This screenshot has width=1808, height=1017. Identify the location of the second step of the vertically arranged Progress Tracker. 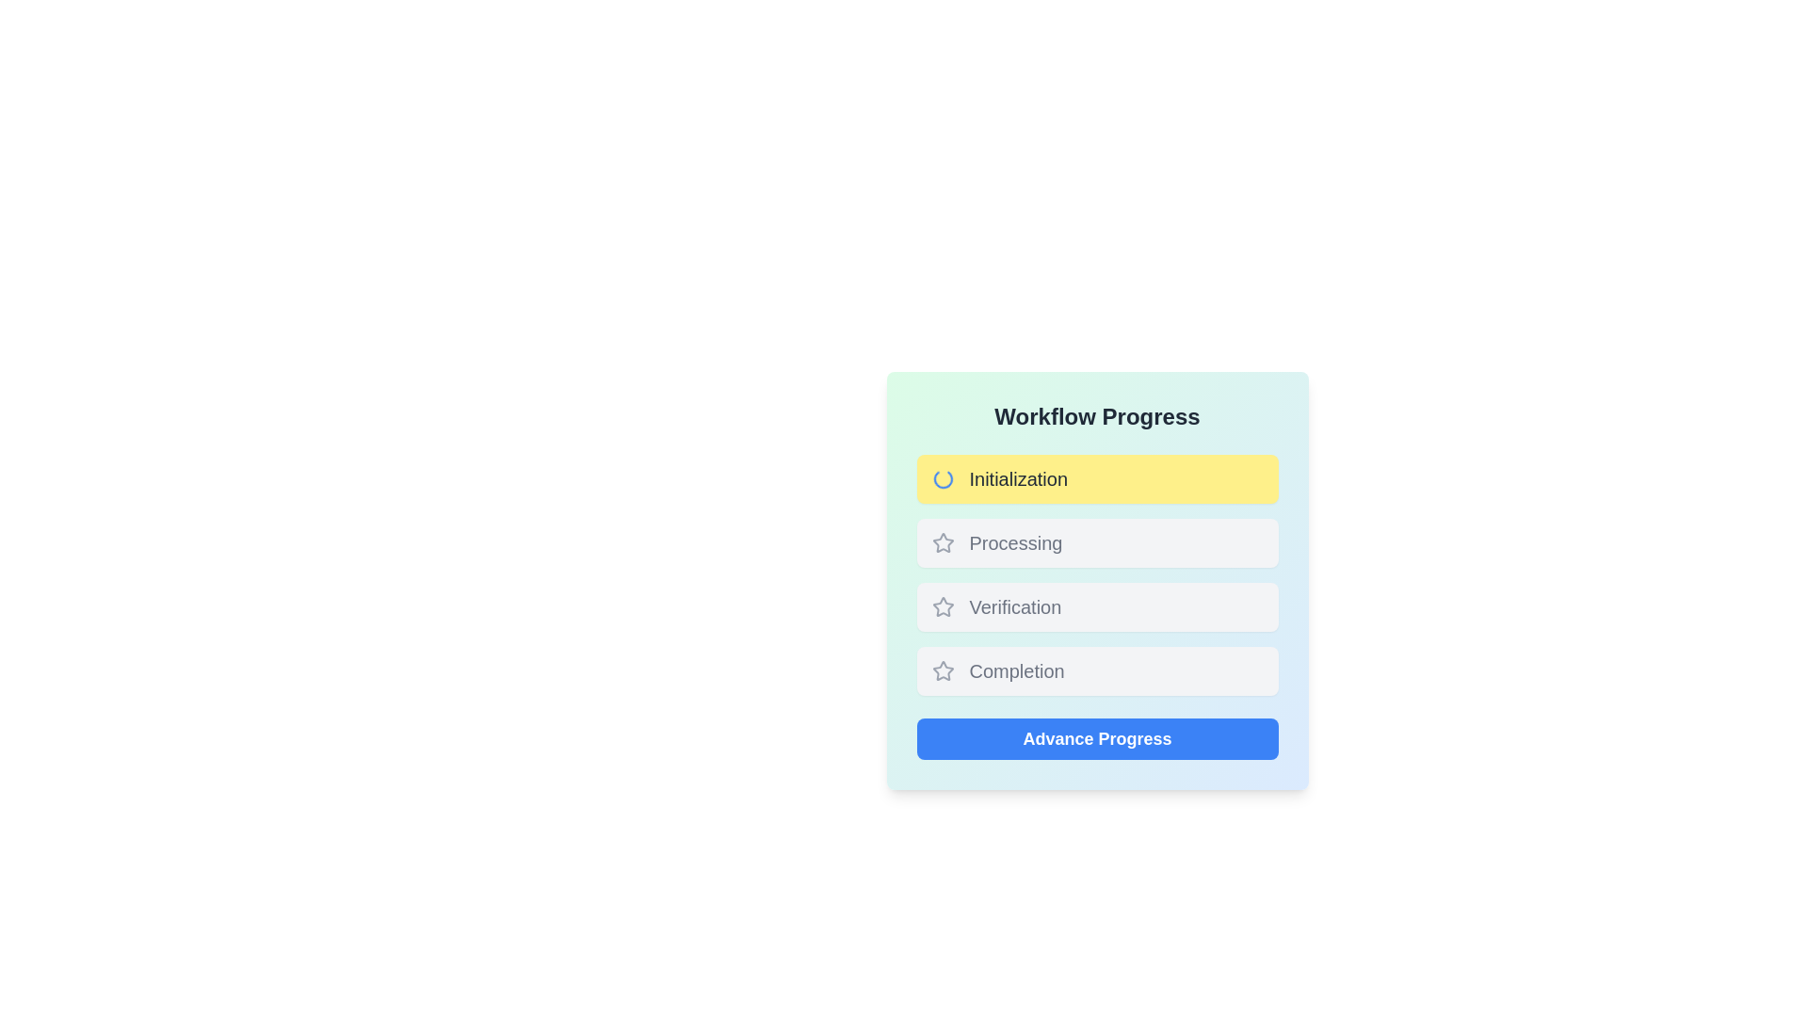
(1097, 573).